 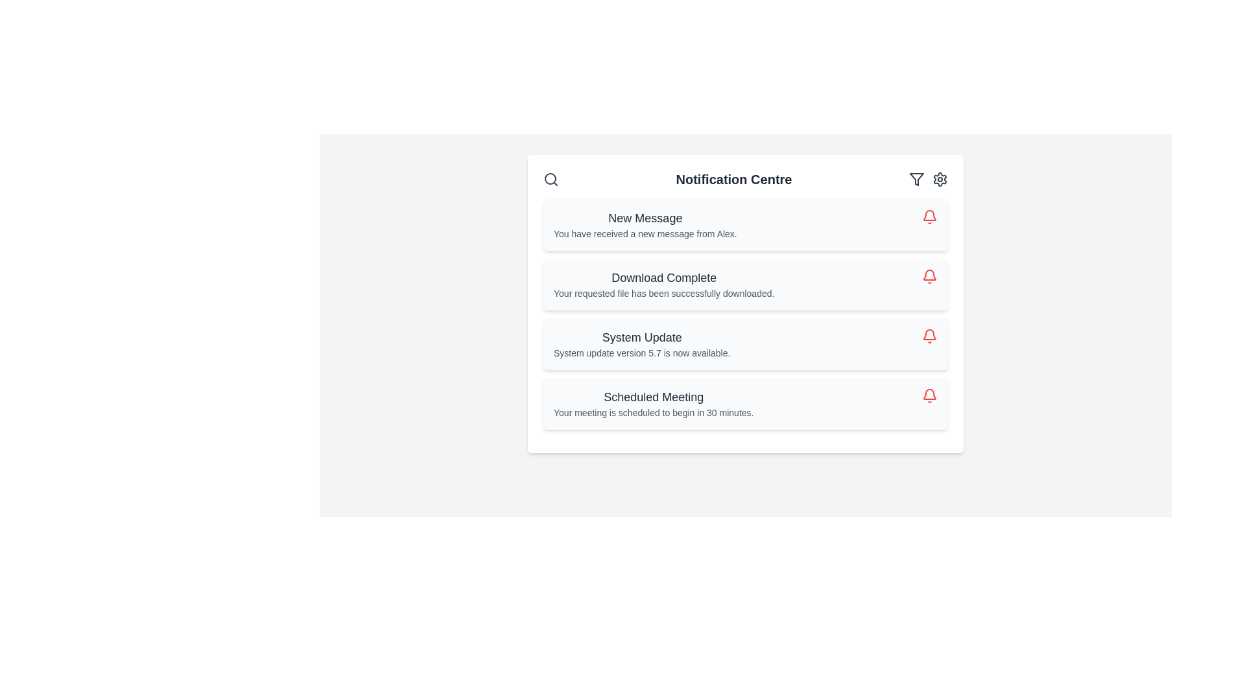 What do you see at coordinates (664, 293) in the screenshot?
I see `confirmation text label that describes the outcome of a file download operation, located in the notification panel under 'Download Complete'` at bounding box center [664, 293].